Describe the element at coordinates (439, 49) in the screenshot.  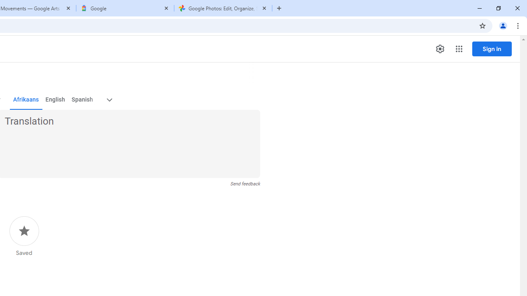
I see `'Settings'` at that location.